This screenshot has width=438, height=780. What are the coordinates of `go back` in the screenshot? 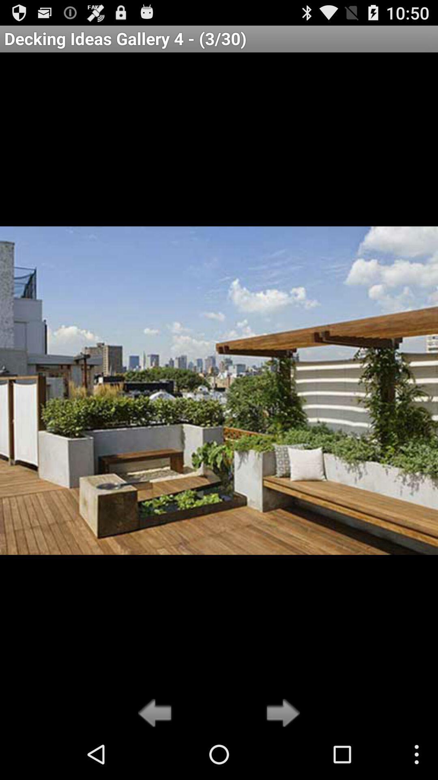 It's located at (157, 713).